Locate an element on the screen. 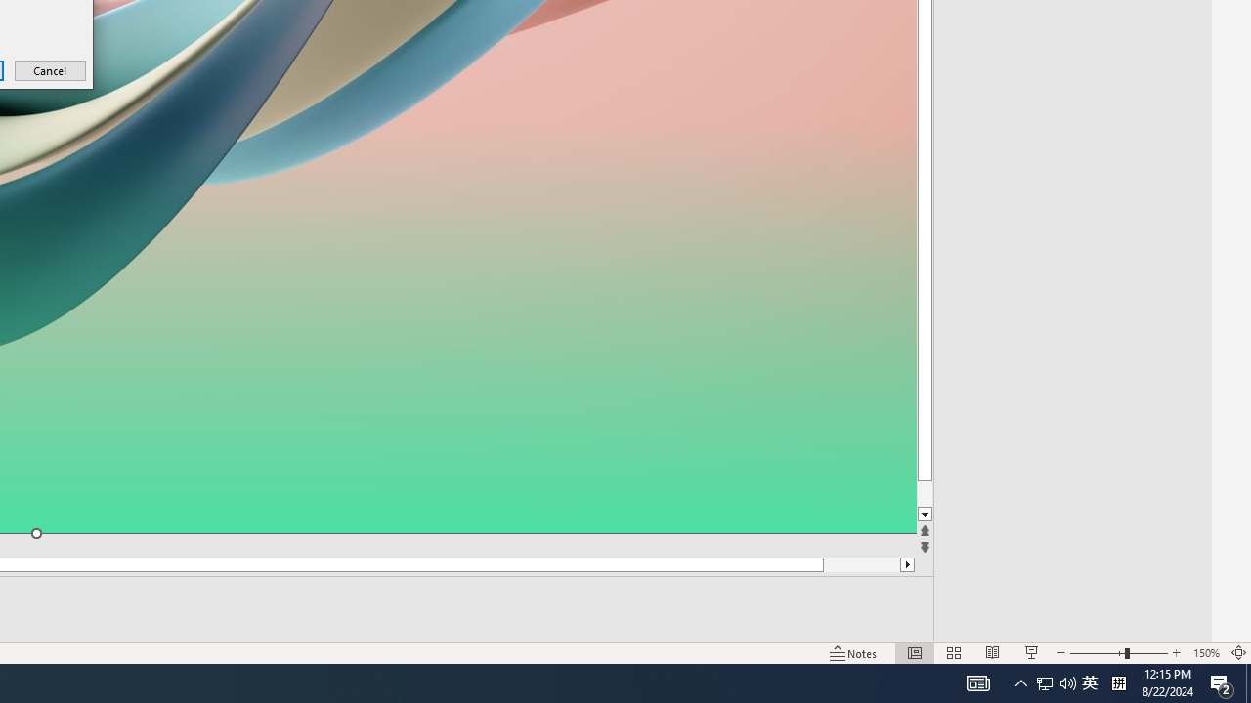  'Zoom 150%' is located at coordinates (1205, 653).